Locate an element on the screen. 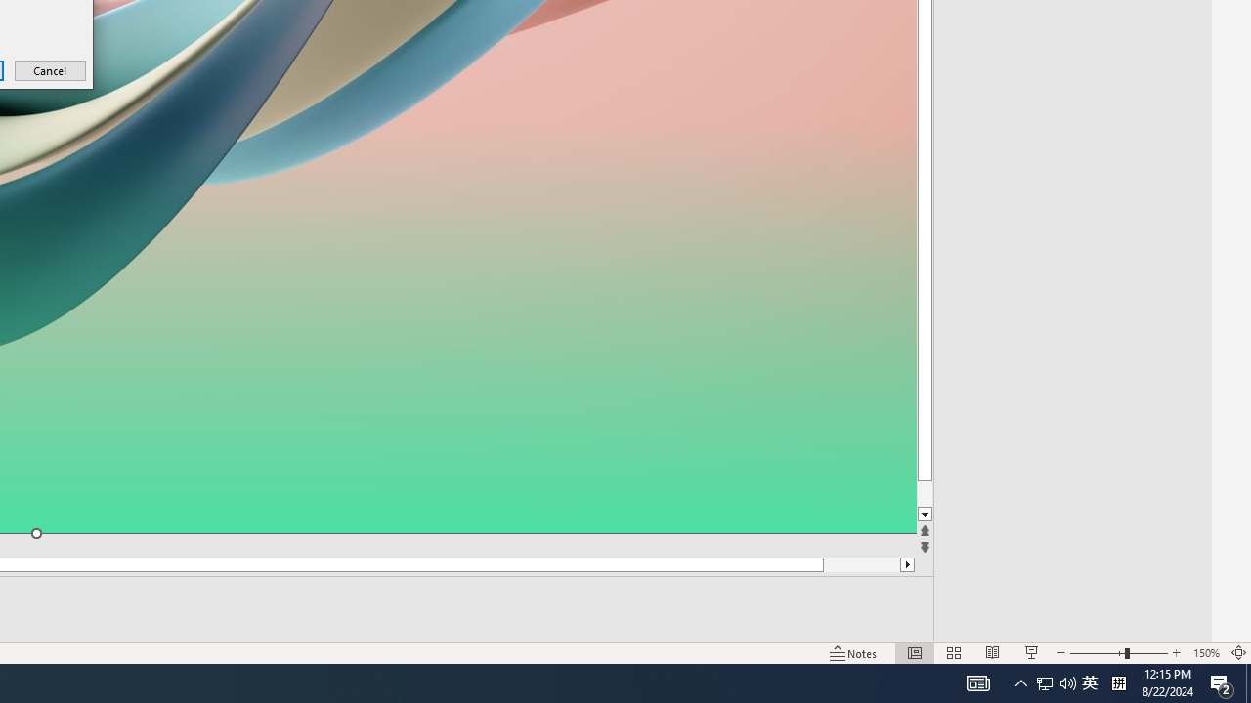  'Zoom 150%' is located at coordinates (1205, 653).